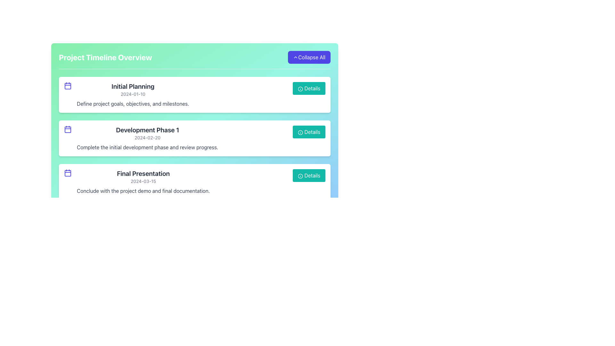 Image resolution: width=615 pixels, height=346 pixels. What do you see at coordinates (68, 130) in the screenshot?
I see `the inner square of the calendar icon in the 'Development Phase 1' list item` at bounding box center [68, 130].